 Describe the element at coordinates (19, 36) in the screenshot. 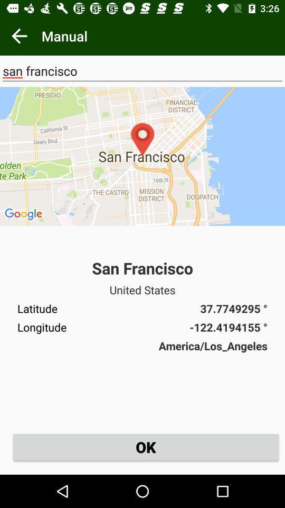

I see `go back` at that location.